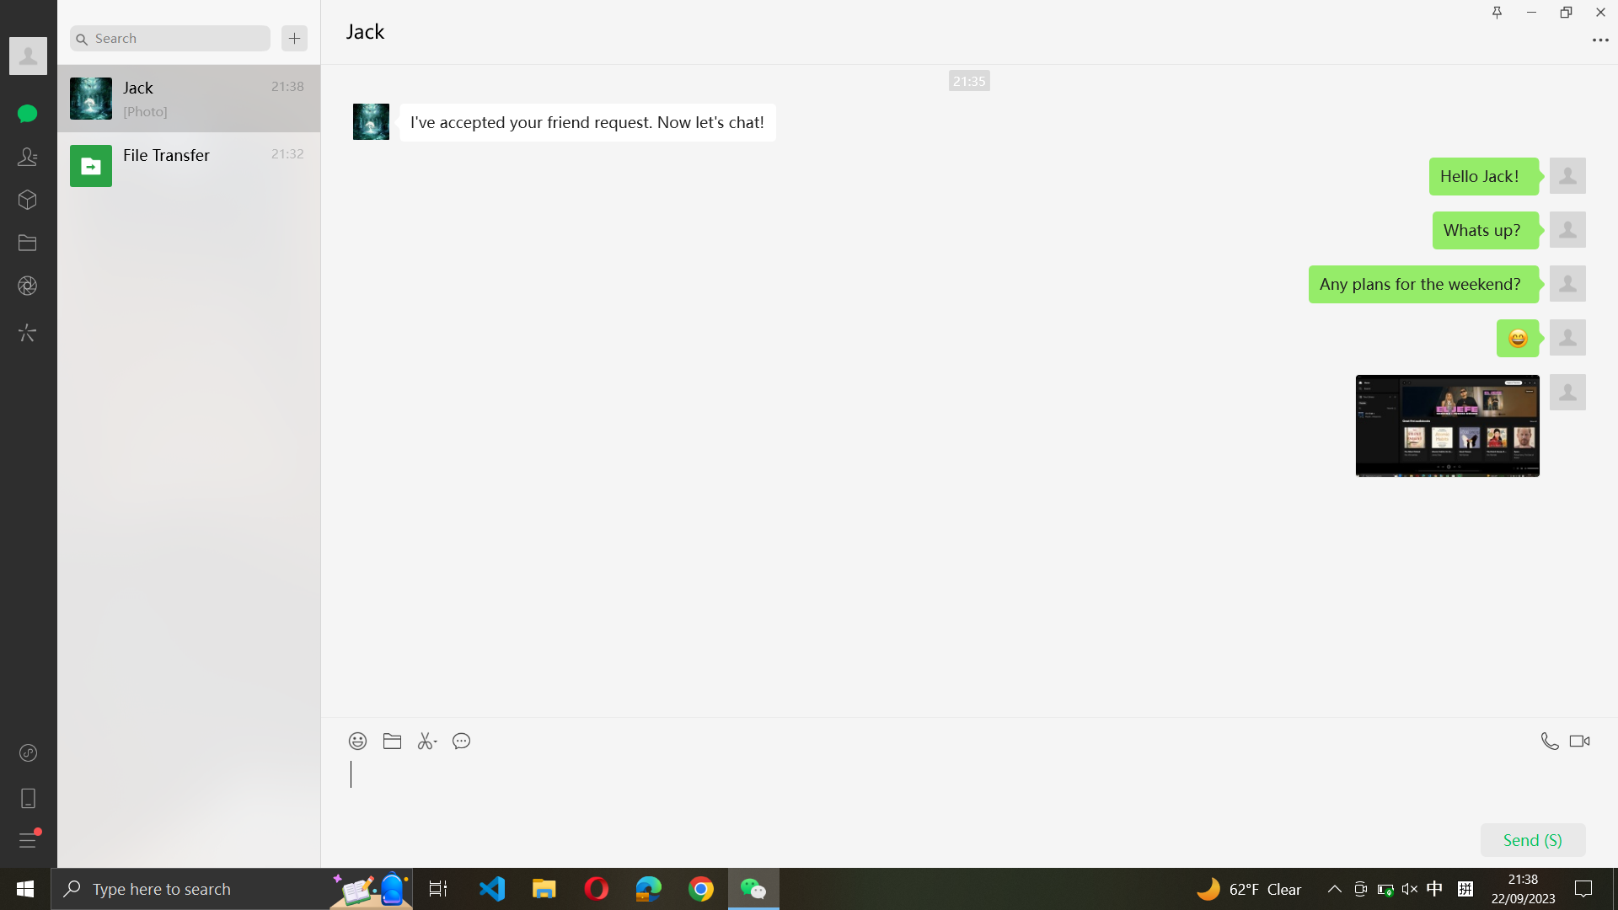 The height and width of the screenshot is (910, 1618). I want to click on Unfold the complete profile information of Jack, so click(28, 57).